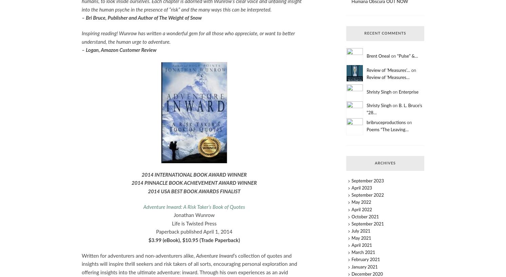 The width and height of the screenshot is (506, 277). What do you see at coordinates (388, 70) in the screenshot?
I see `'Review of ‘Measures’…'` at bounding box center [388, 70].